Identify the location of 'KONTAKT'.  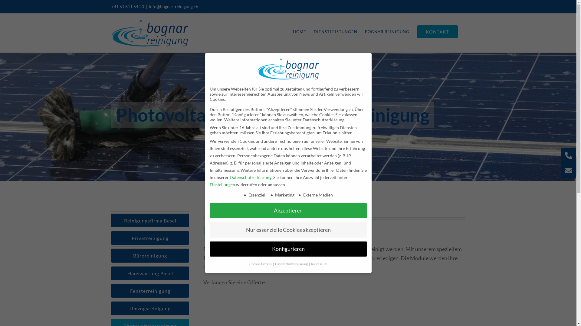
(416, 31).